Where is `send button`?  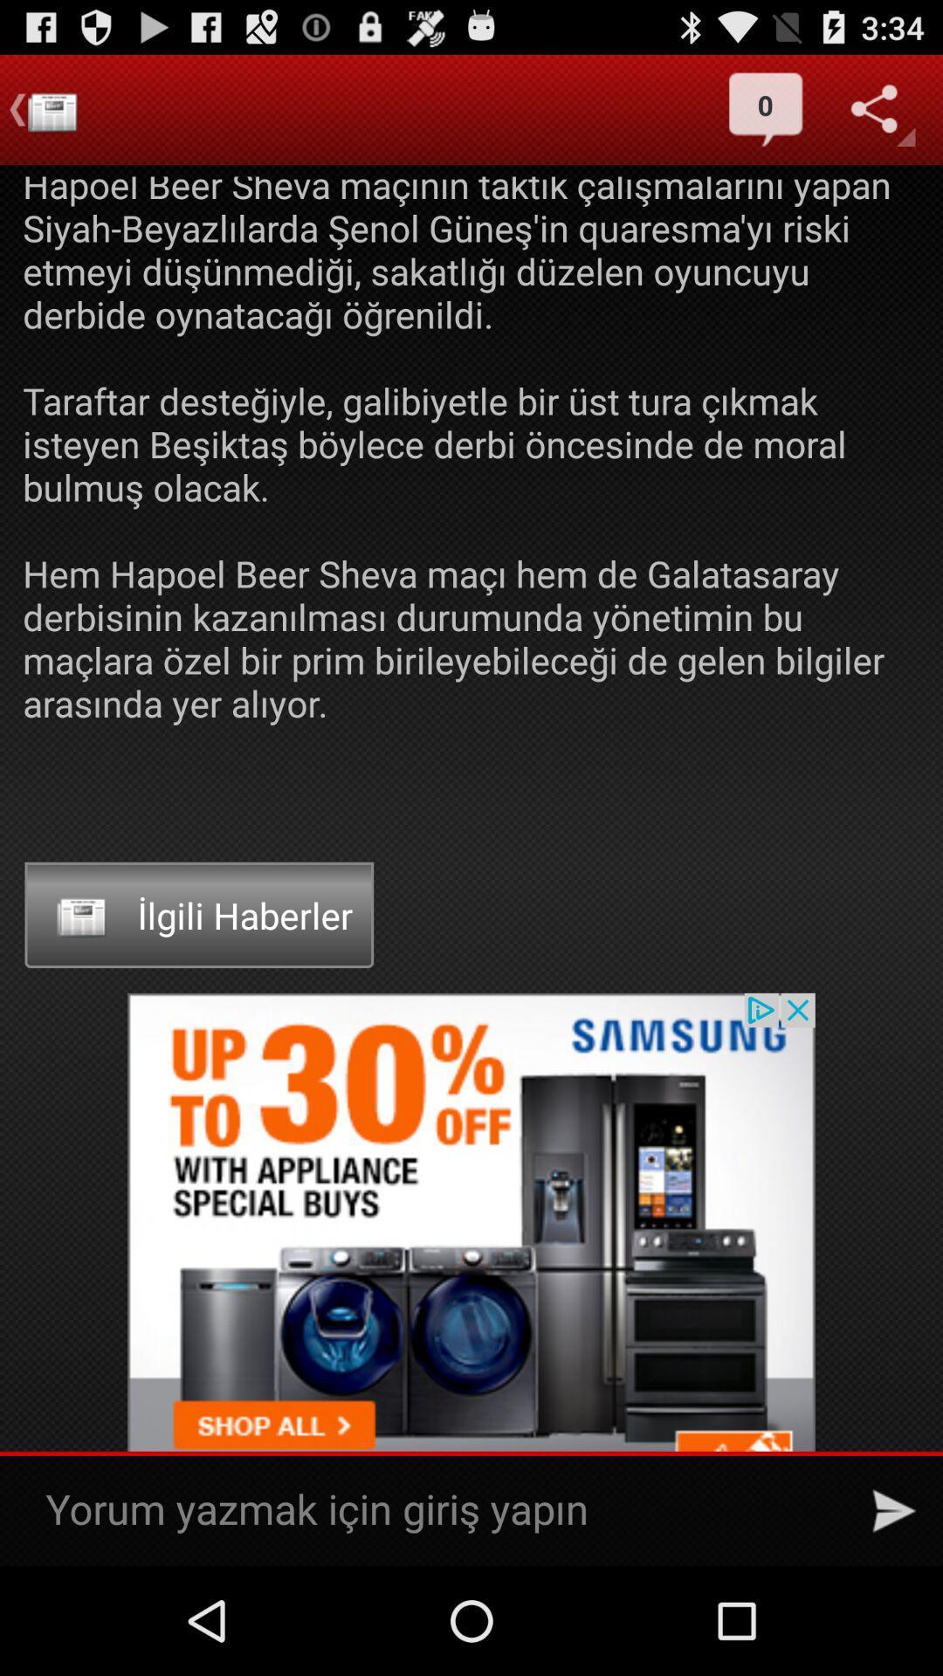
send button is located at coordinates (894, 1510).